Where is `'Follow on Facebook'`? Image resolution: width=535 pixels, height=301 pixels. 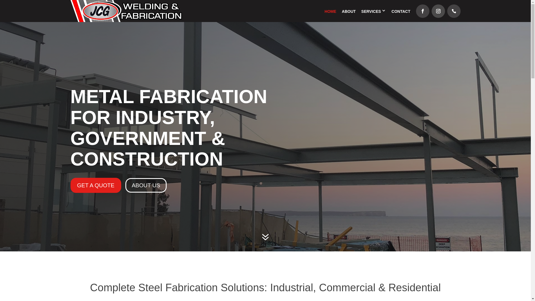
'Follow on Facebook' is located at coordinates (422, 11).